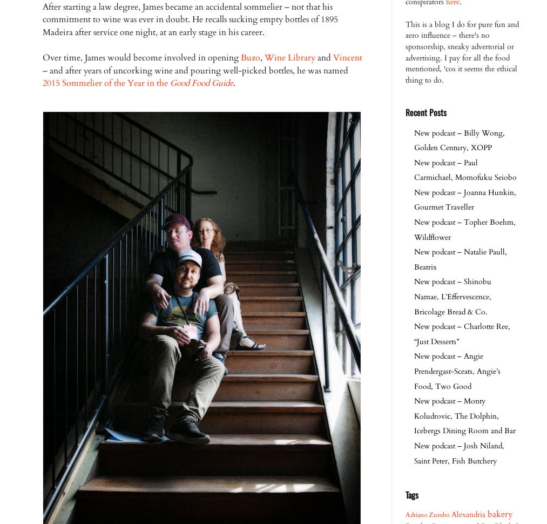 This screenshot has width=547, height=524. I want to click on 'New podcast – Shinobu Namae, L’Effervescence, Bricolage Bread & Co.', so click(414, 296).